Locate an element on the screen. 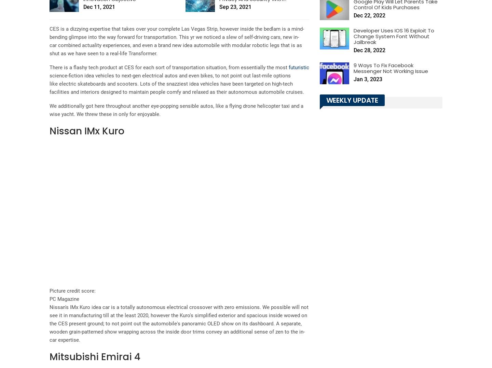 The height and width of the screenshot is (368, 492). 'Dec 28, 2022' is located at coordinates (353, 50).